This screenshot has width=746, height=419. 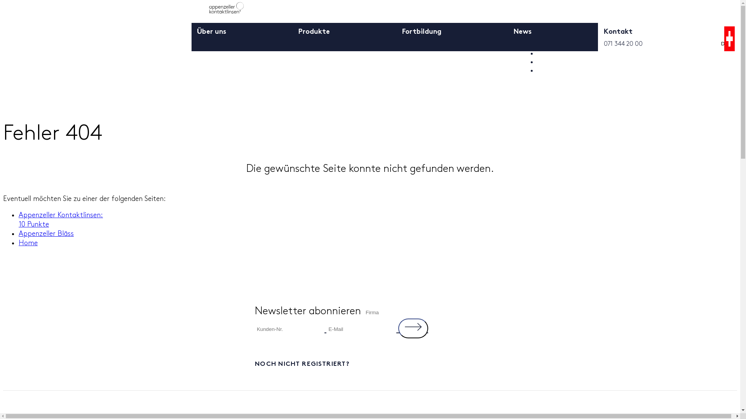 What do you see at coordinates (553, 71) in the screenshot?
I see `'SUPPORT'` at bounding box center [553, 71].